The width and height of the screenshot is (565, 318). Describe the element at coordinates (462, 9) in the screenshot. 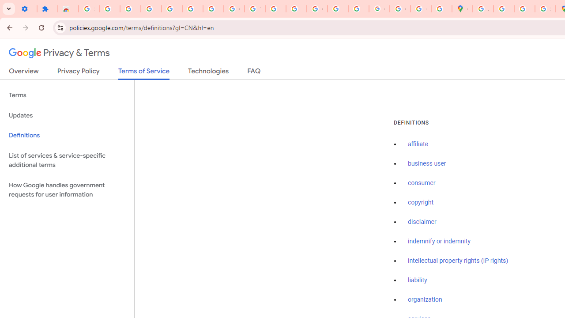

I see `'Google Maps'` at that location.